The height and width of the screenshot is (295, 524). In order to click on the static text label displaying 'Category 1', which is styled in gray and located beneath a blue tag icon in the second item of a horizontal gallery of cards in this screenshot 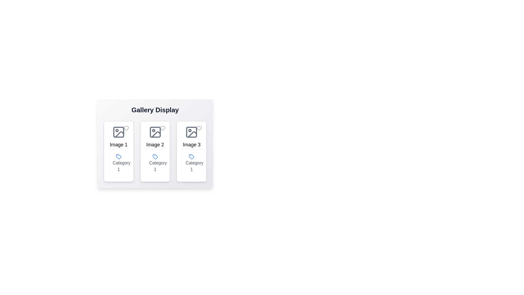, I will do `click(155, 163)`.